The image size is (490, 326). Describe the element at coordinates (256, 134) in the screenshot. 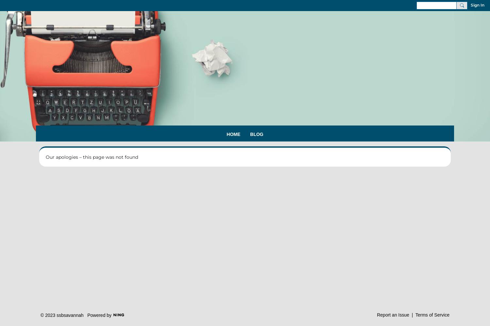

I see `'Blog'` at that location.